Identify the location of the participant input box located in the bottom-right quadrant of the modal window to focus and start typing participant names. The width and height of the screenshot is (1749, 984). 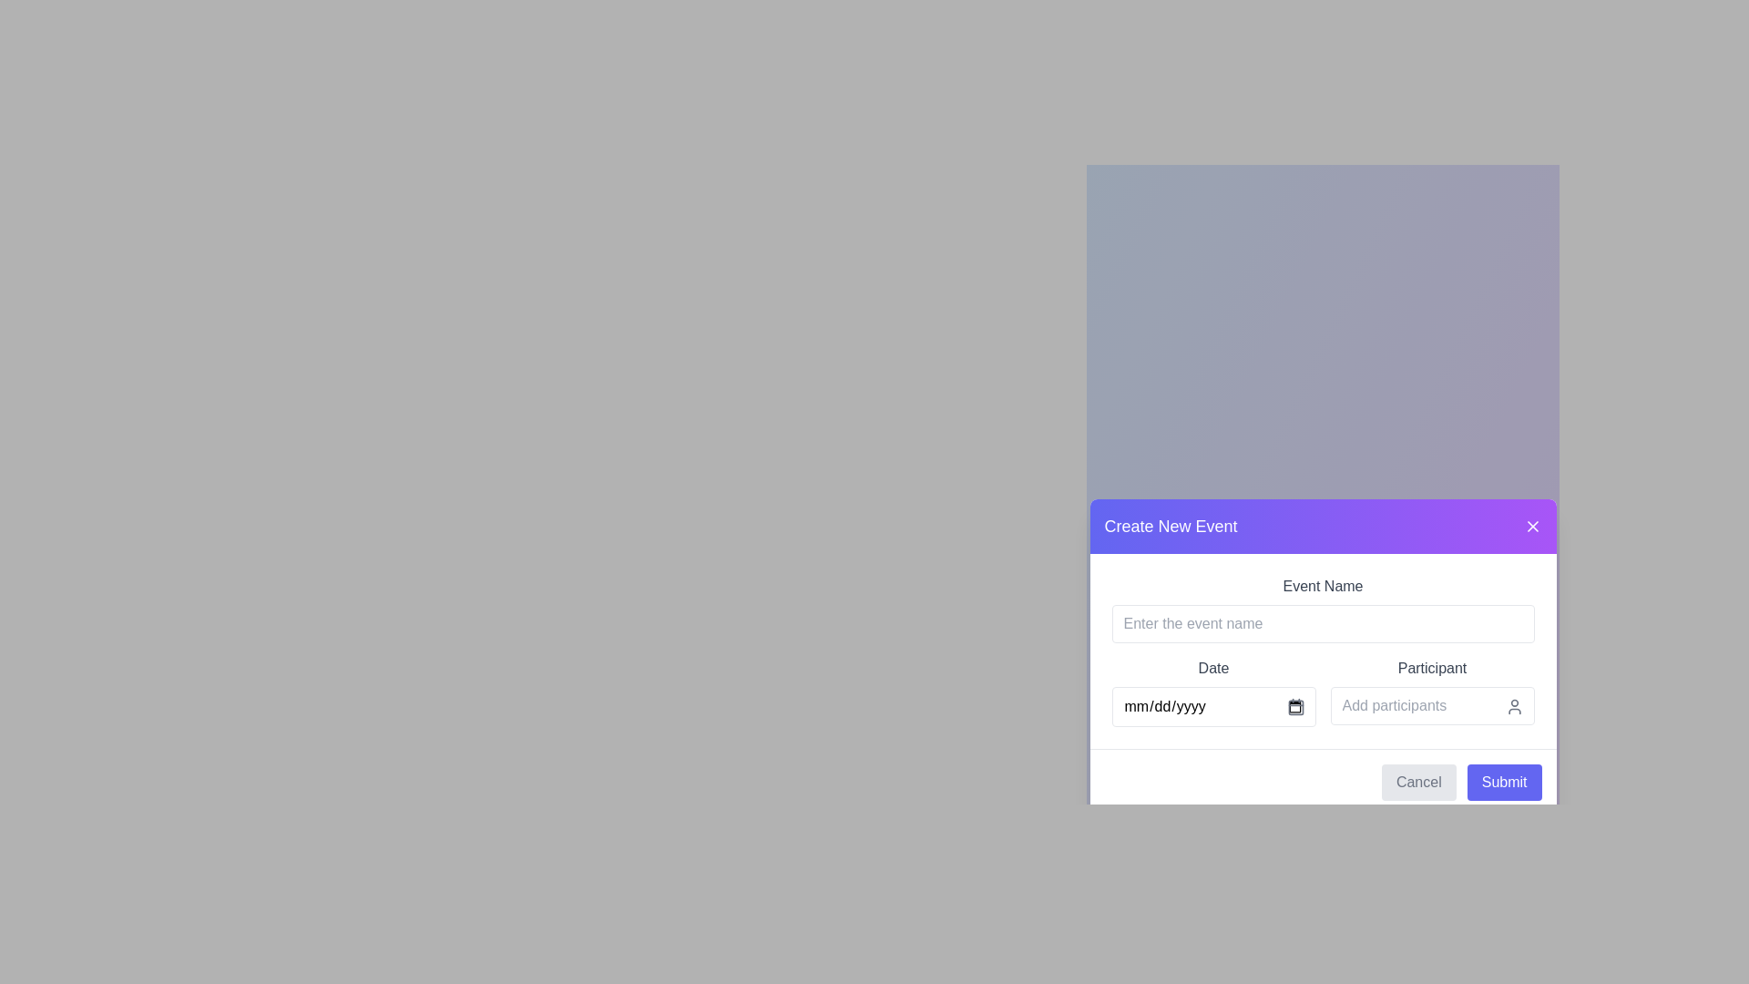
(1431, 692).